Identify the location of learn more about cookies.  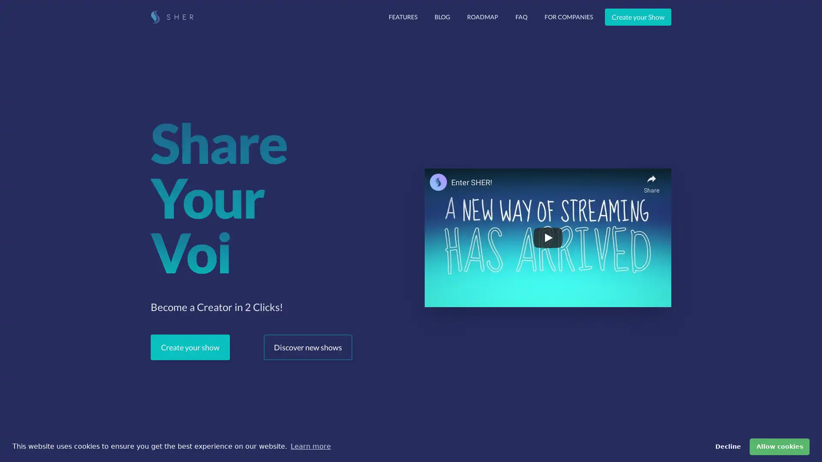
(310, 446).